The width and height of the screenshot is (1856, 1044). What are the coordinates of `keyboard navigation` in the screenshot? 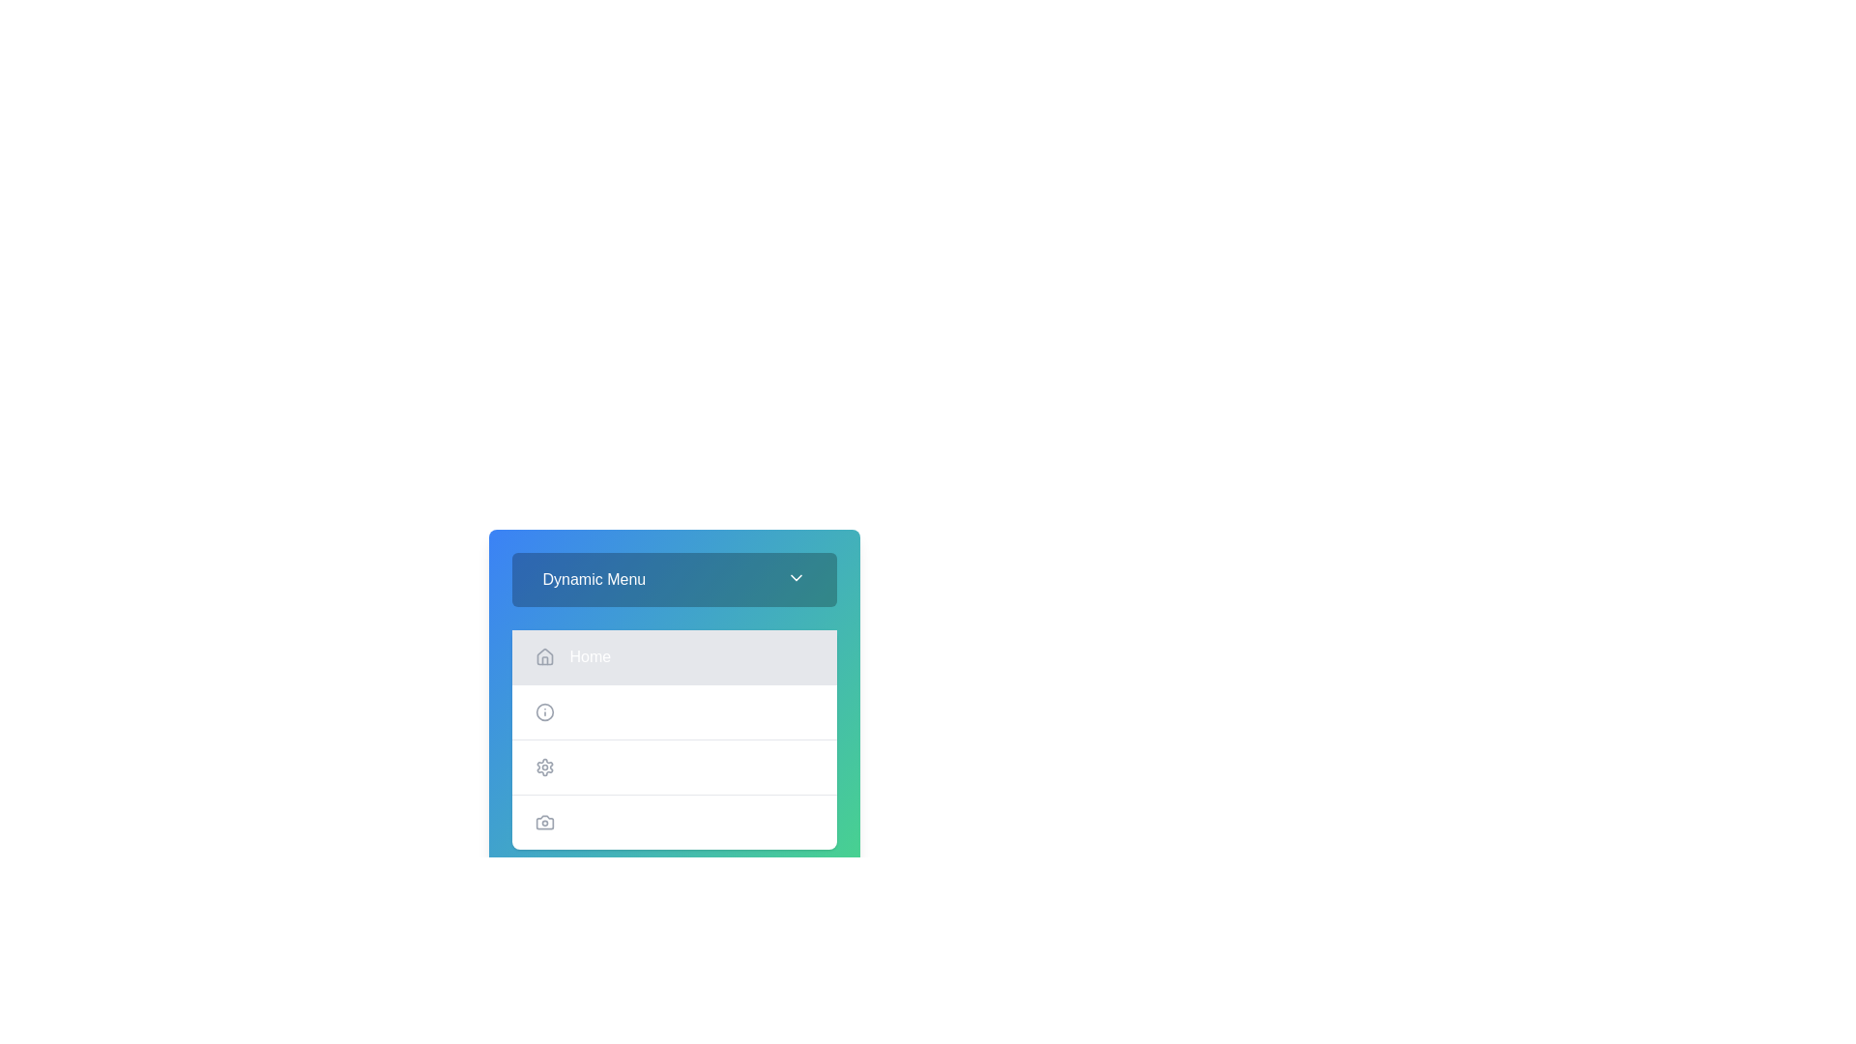 It's located at (674, 758).